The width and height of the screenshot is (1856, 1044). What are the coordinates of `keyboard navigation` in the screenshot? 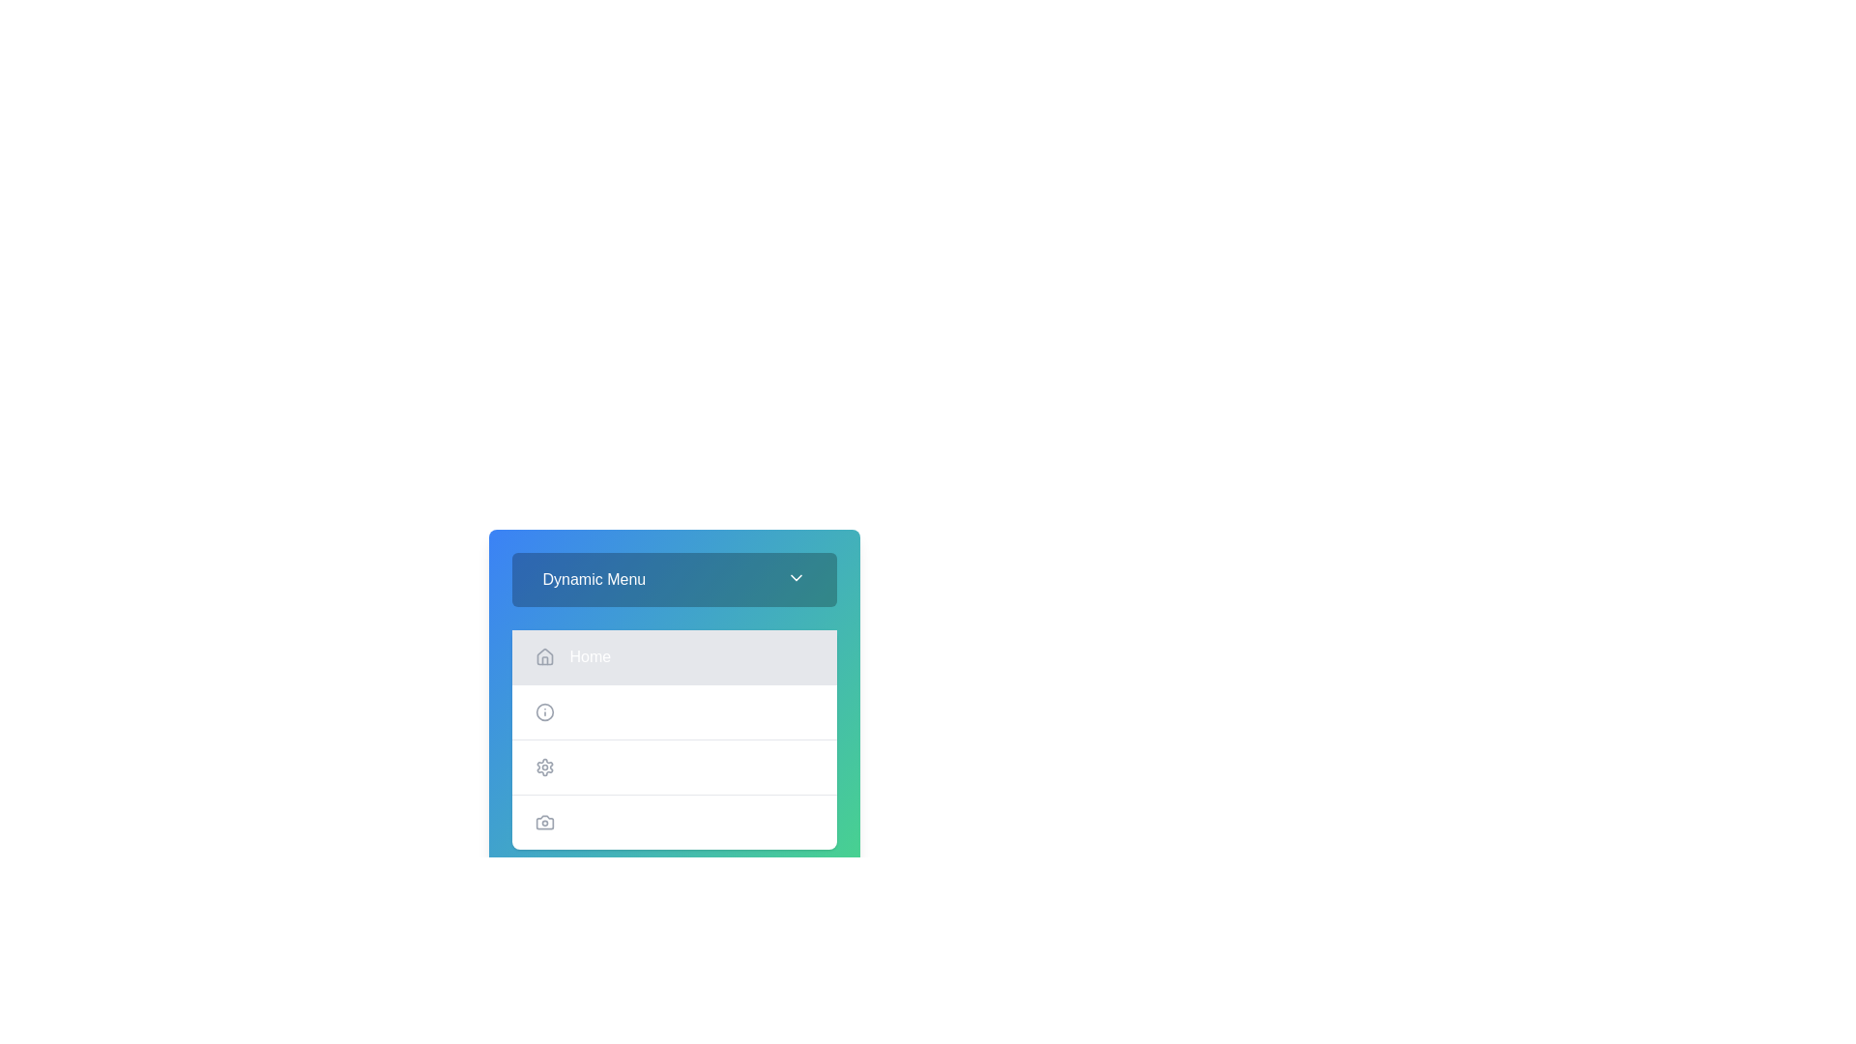 It's located at (674, 758).